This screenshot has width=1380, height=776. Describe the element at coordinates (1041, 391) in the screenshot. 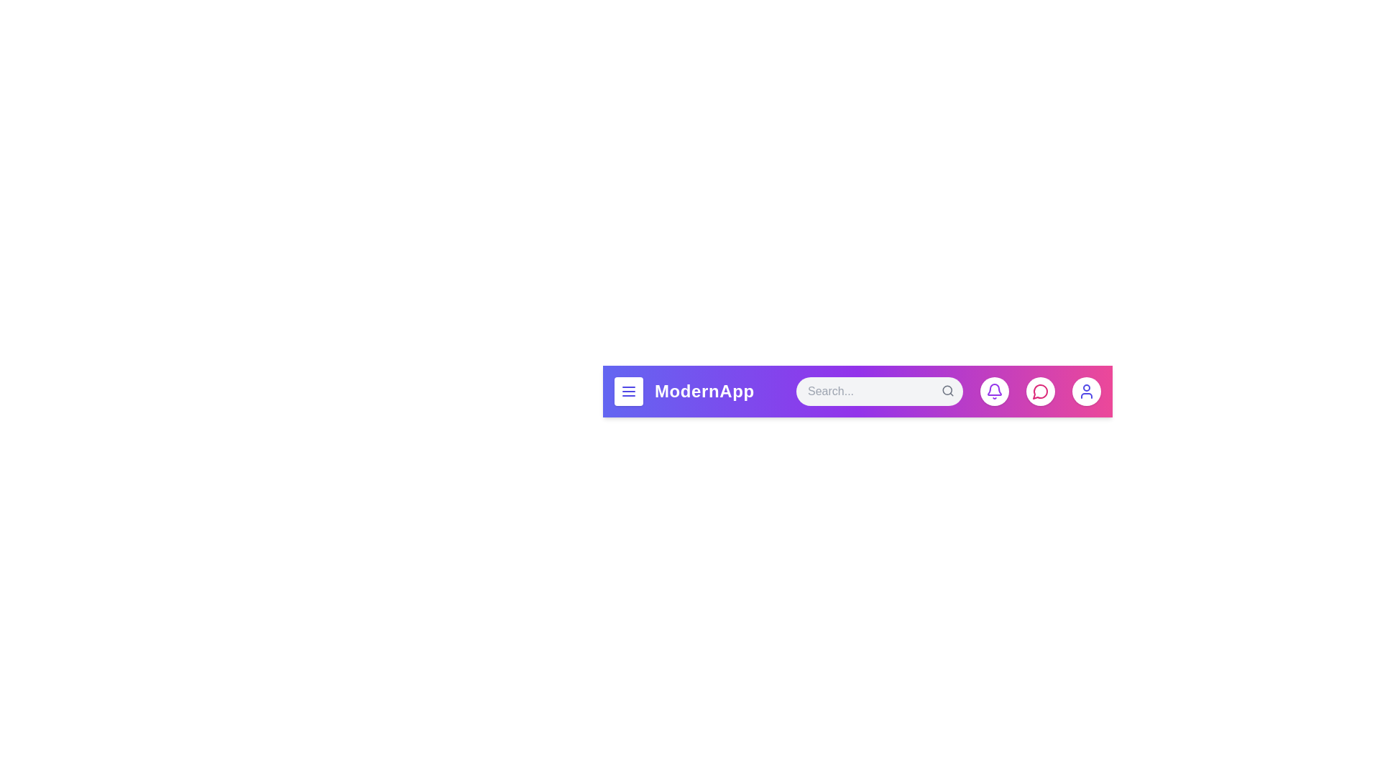

I see `the chat icon to open the messaging section` at that location.